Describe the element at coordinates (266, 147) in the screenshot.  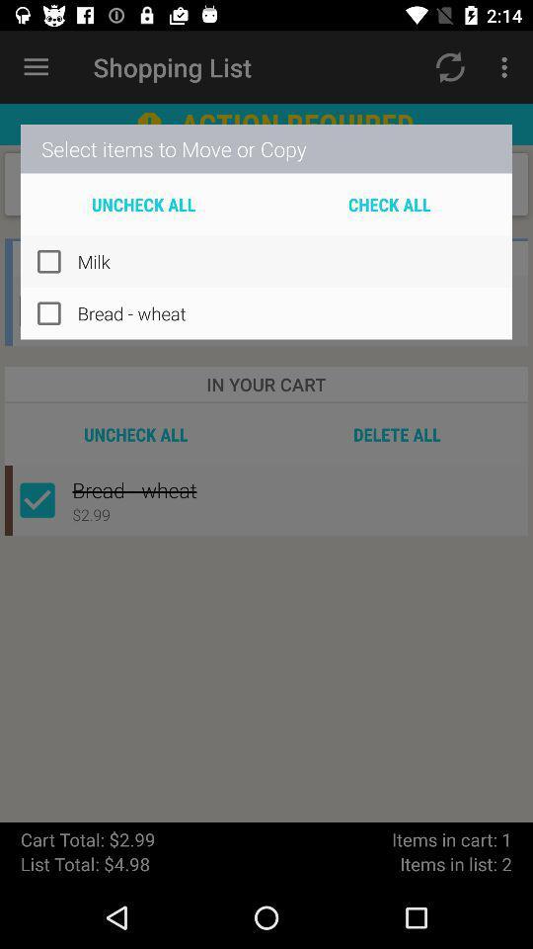
I see `the item above uncheck all icon` at that location.